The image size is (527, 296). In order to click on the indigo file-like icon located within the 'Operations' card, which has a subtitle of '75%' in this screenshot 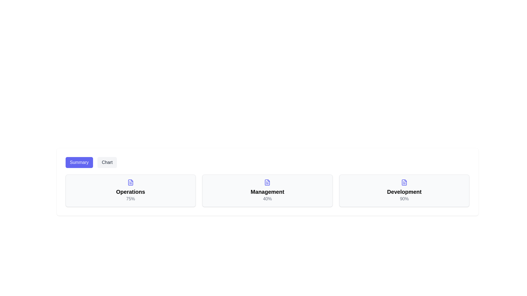, I will do `click(130, 183)`.